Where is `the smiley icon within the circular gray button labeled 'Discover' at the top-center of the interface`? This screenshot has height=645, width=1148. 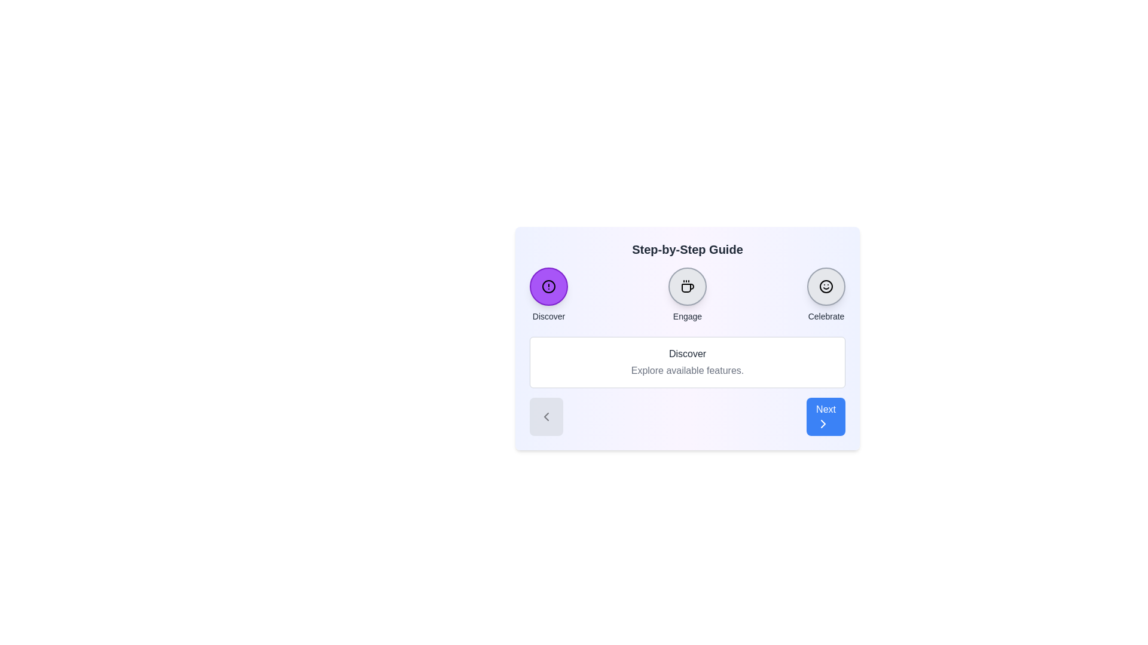 the smiley icon within the circular gray button labeled 'Discover' at the top-center of the interface is located at coordinates (826, 286).